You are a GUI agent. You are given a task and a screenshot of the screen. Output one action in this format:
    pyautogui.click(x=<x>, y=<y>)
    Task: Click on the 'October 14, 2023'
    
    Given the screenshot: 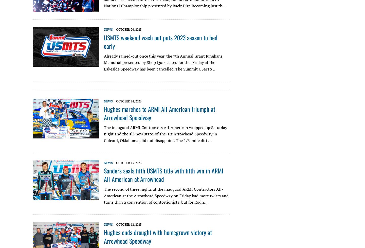 What is the action you would take?
    pyautogui.click(x=129, y=101)
    